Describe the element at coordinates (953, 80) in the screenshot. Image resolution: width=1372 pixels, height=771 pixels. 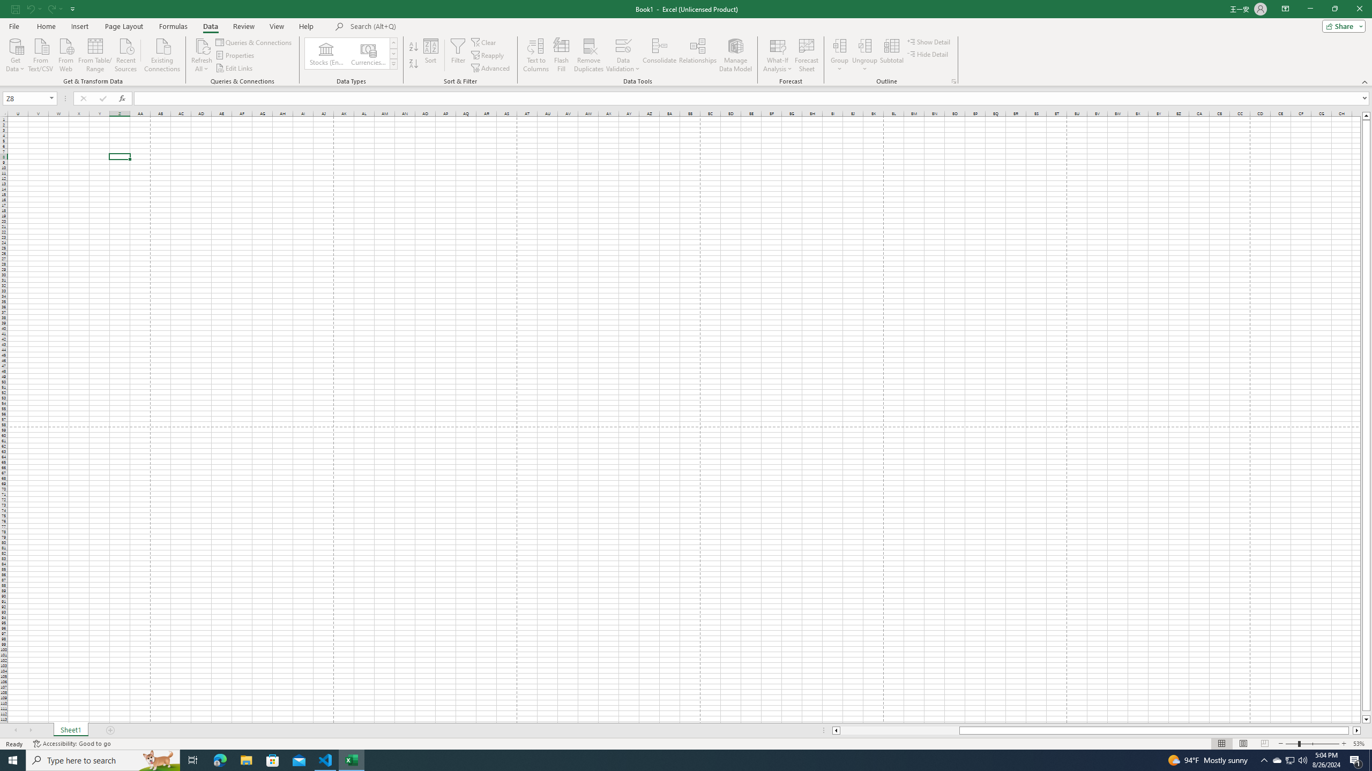
I see `'Group and Outline Settings'` at that location.